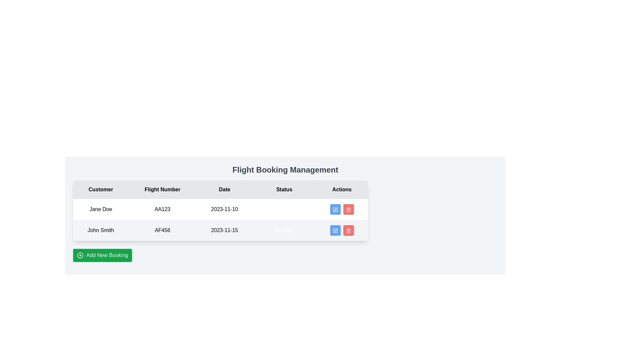 The height and width of the screenshot is (355, 632). I want to click on the delete button located in the 'Actions' column of the first row in the flight booking table, so click(342, 209).